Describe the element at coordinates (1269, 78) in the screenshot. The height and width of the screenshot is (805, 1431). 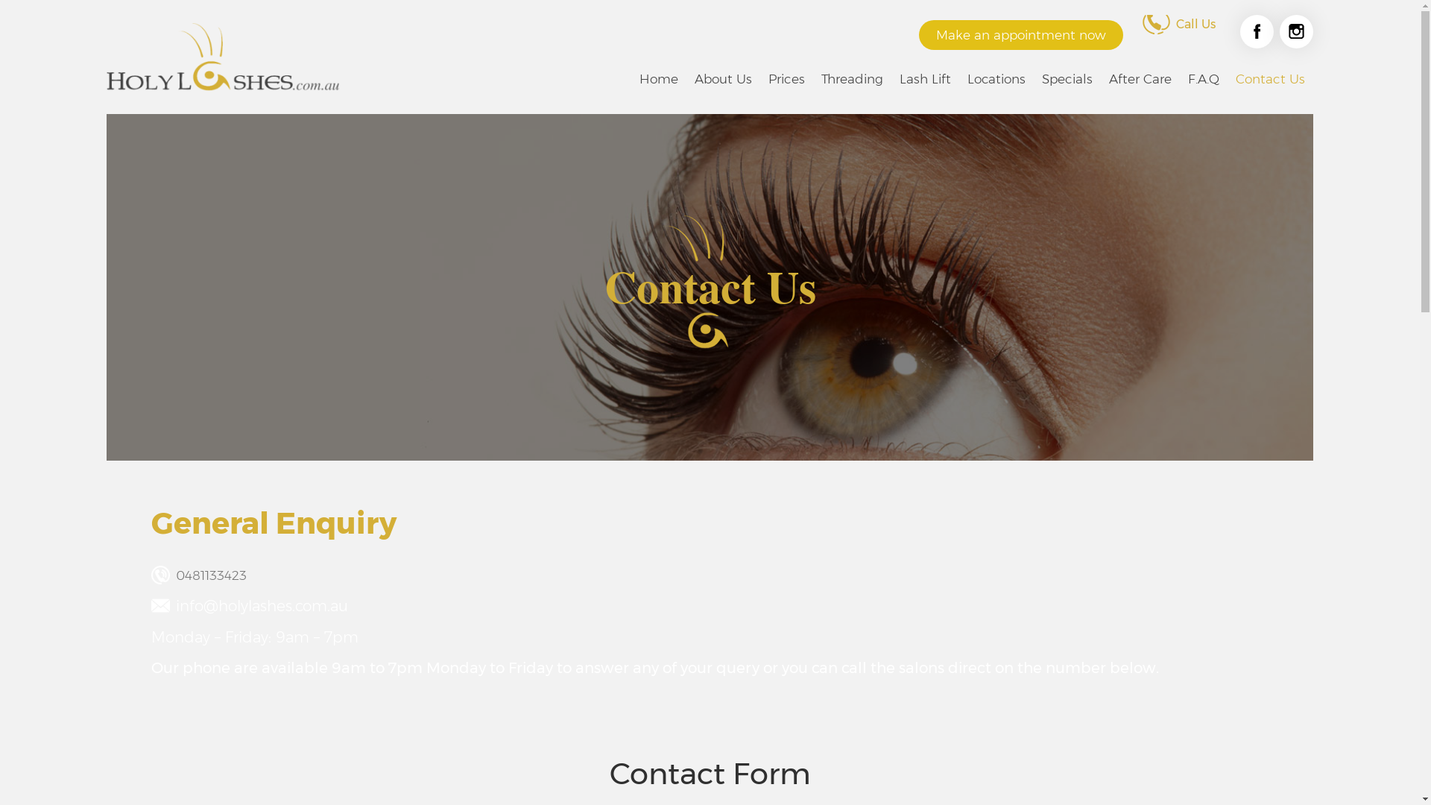
I see `'Contact Us'` at that location.